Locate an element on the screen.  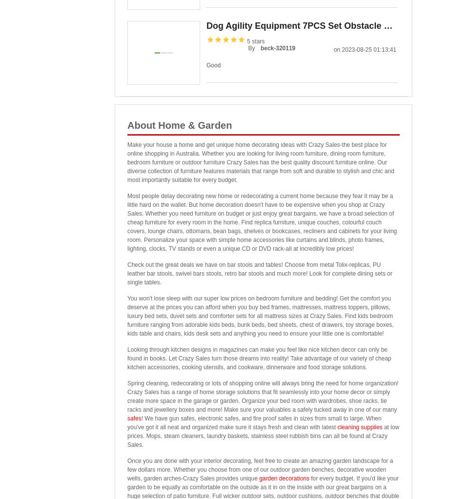
'at low prices. Mops, steam cleaners, laundry baskets, stainless steel rubbish bins can all be found at Crazy Sales.' is located at coordinates (263, 436).